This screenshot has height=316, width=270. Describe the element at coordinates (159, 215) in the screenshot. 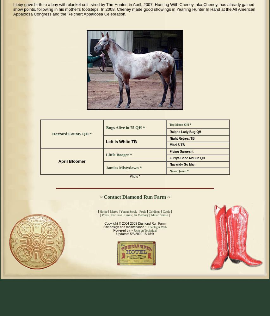

I see `'Music Studio'` at that location.